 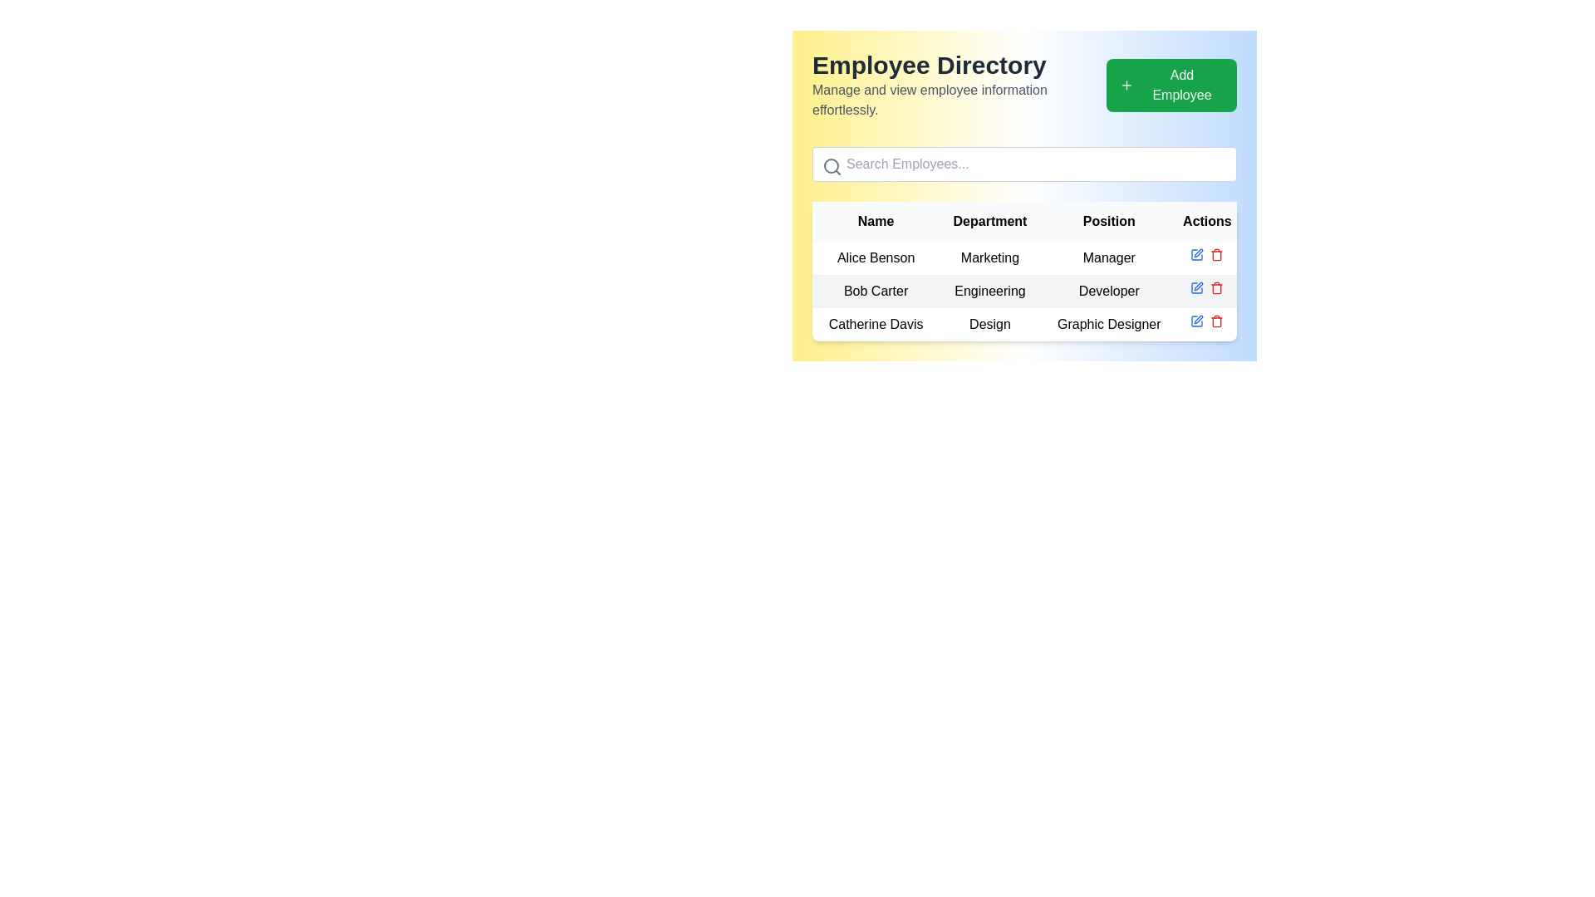 I want to click on the text label 'Design' located in the third row and second column of the table under the 'Department' column, aligned with 'Catherine Davis', so click(x=989, y=324).